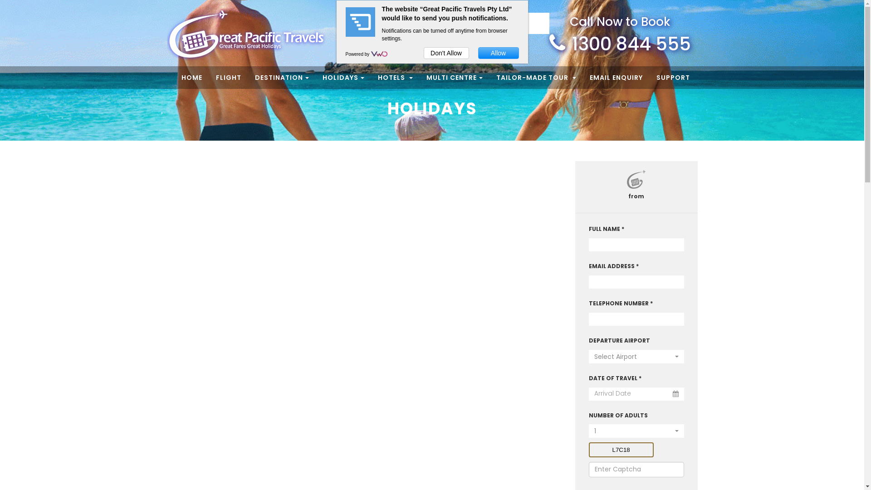 Image resolution: width=871 pixels, height=490 pixels. What do you see at coordinates (499, 23) in the screenshot?
I see `'COVID-19 Message'` at bounding box center [499, 23].